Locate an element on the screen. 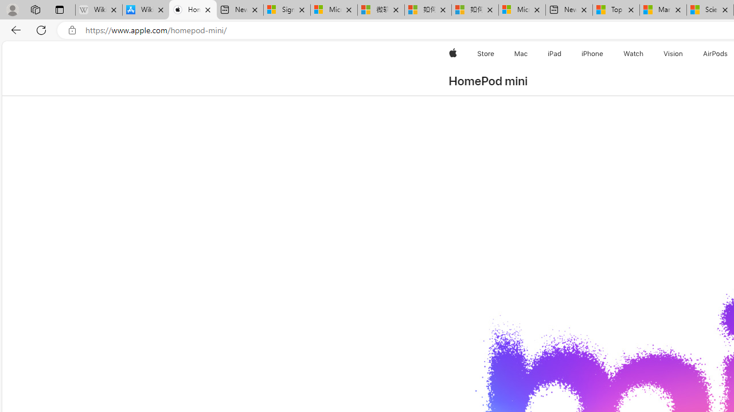 The width and height of the screenshot is (734, 412). 'Store' is located at coordinates (485, 53).